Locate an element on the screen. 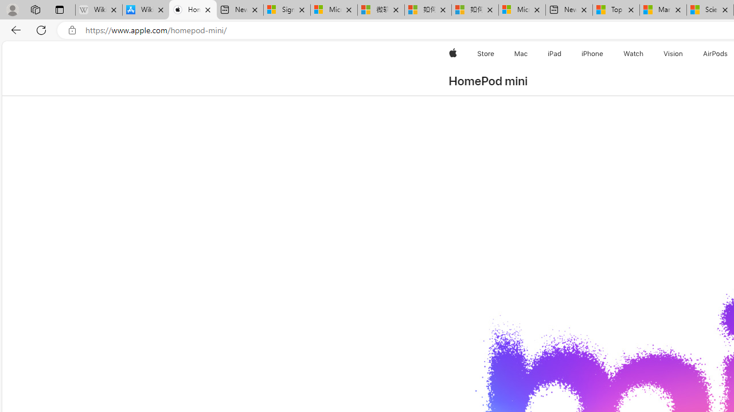 The width and height of the screenshot is (734, 412). 'Store' is located at coordinates (485, 53).